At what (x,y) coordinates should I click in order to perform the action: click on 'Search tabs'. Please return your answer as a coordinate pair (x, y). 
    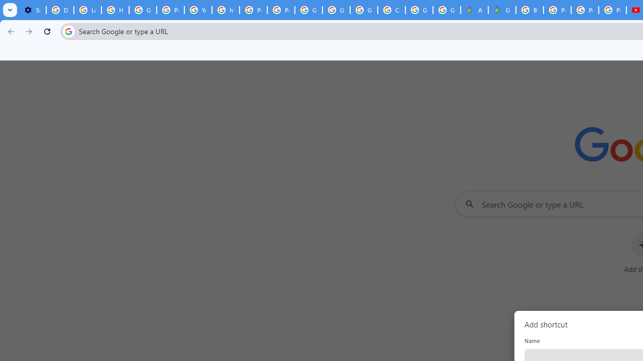
    Looking at the image, I should click on (10, 10).